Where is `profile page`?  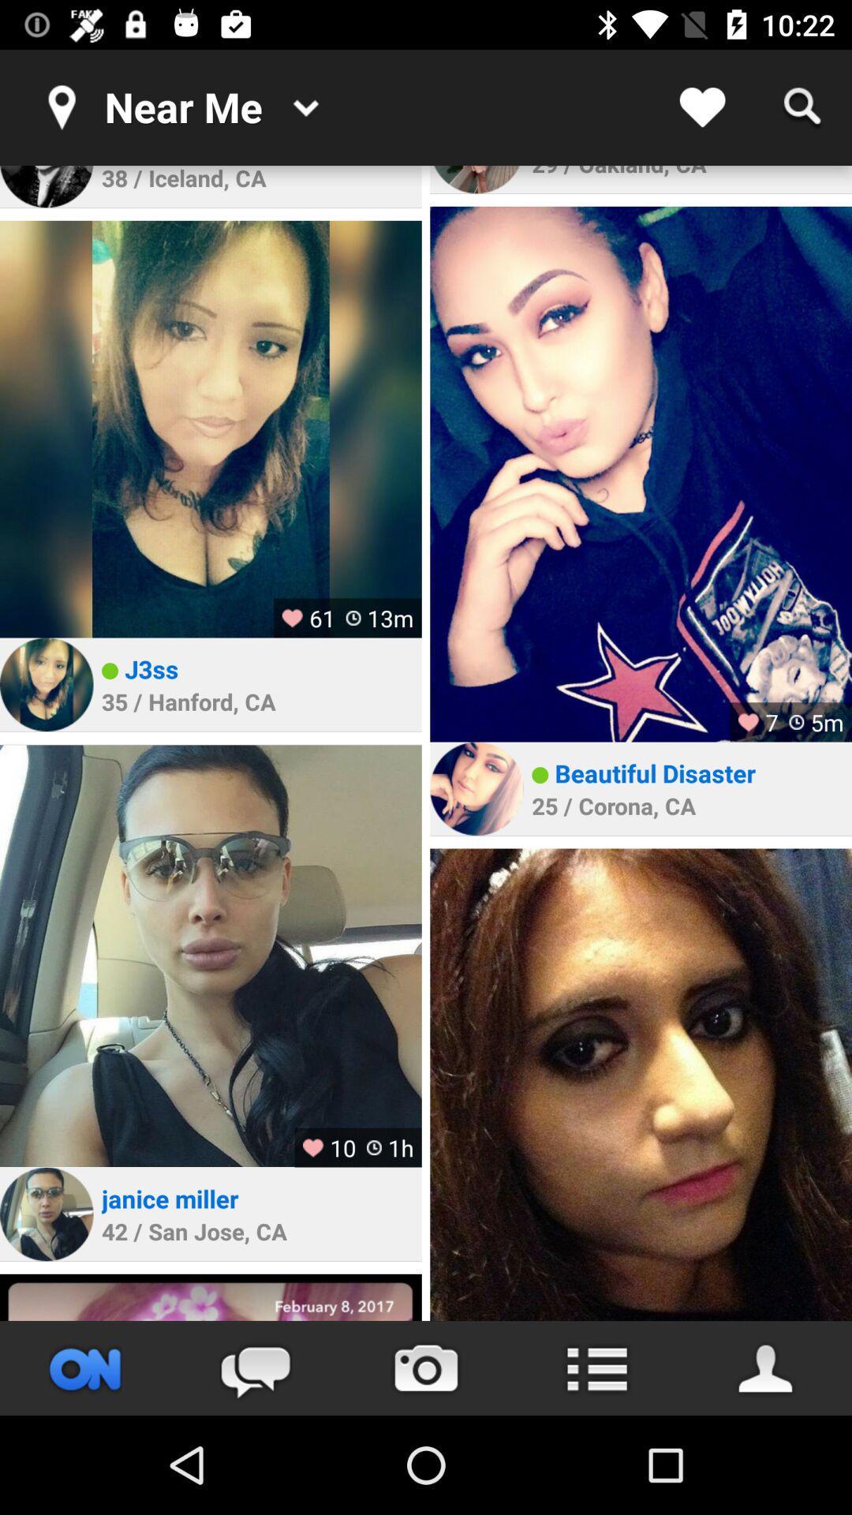 profile page is located at coordinates (766, 1367).